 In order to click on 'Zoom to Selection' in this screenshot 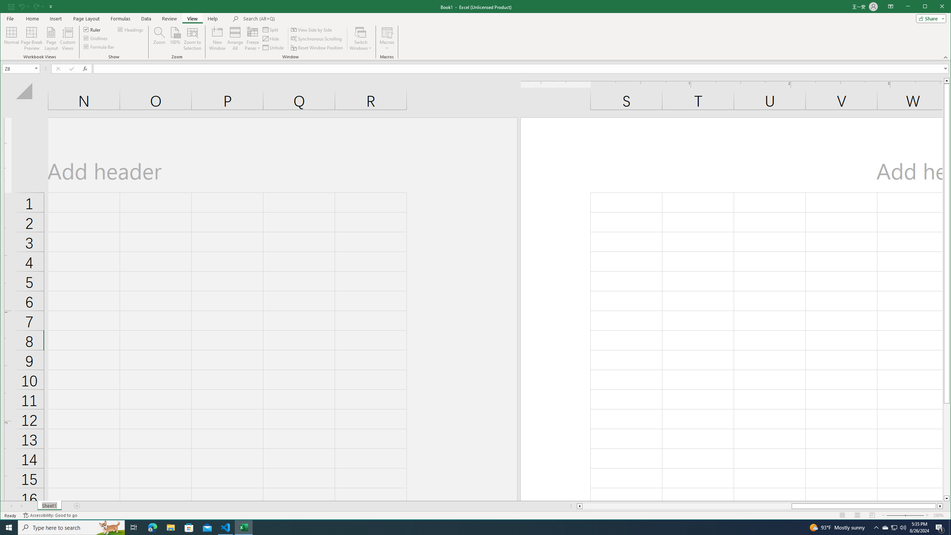, I will do `click(192, 38)`.